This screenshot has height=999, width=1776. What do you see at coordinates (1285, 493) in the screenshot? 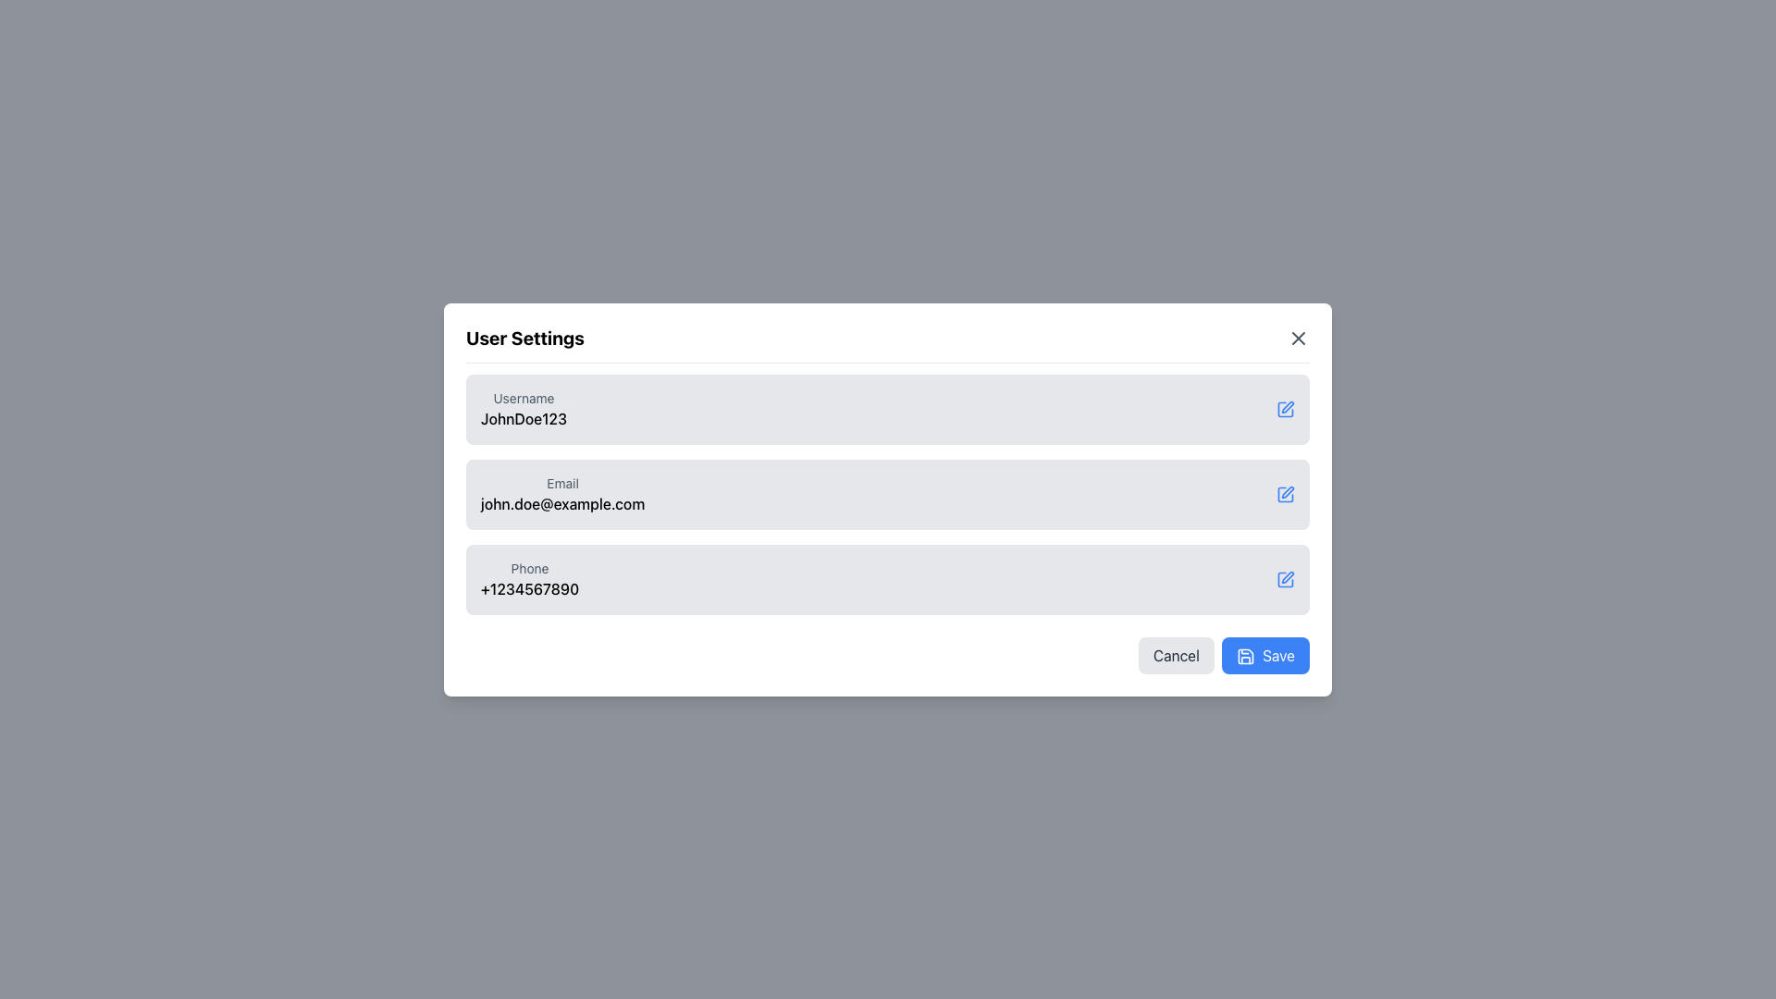
I see `the edit button located to the right of the 'Email' section, adjacent to the input field displaying 'john.doe@example.com', to observe a styling change` at bounding box center [1285, 493].